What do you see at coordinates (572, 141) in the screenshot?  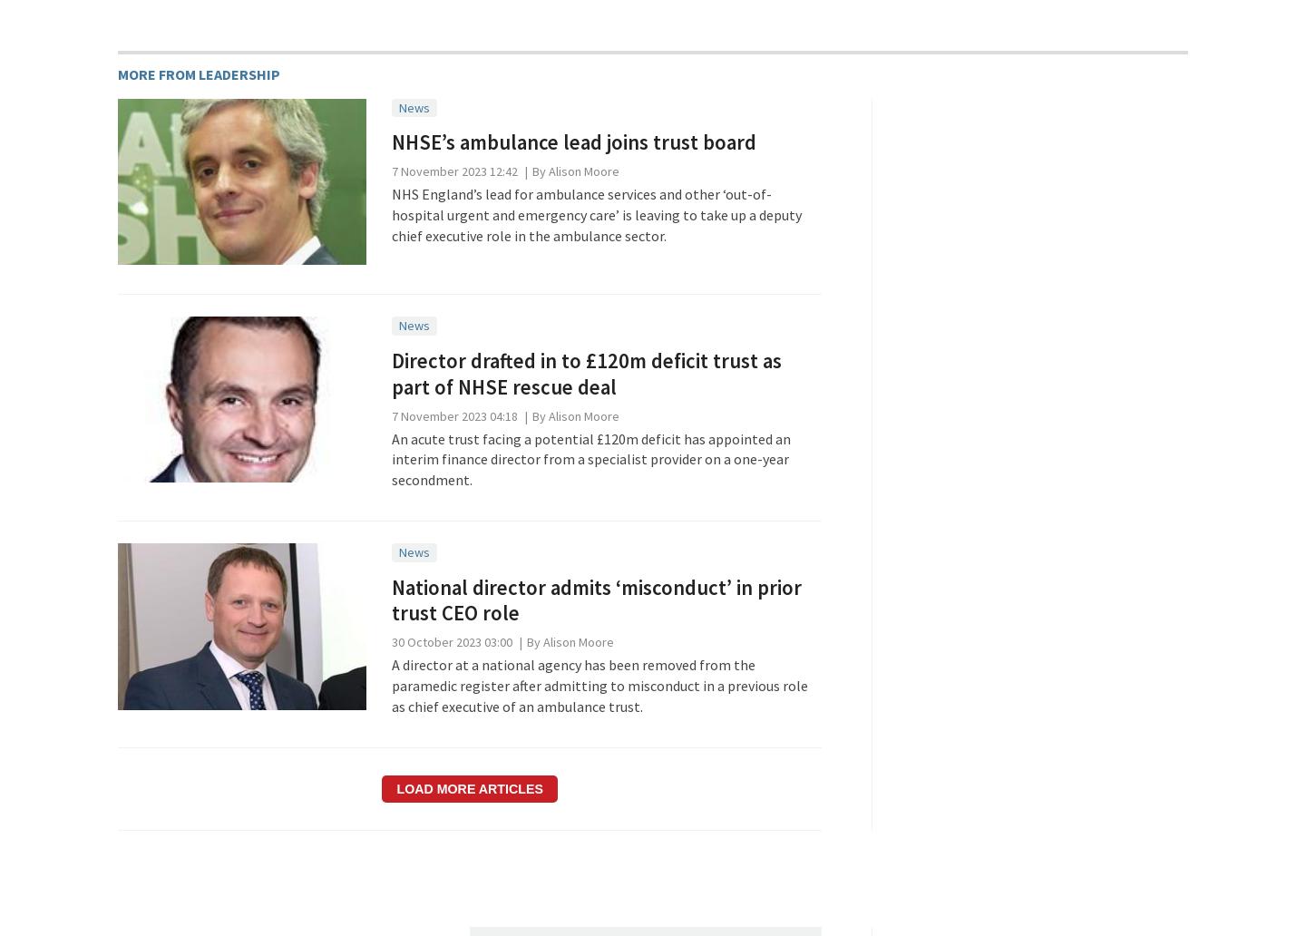 I see `'NHSE’s ambulance lead joins trust board'` at bounding box center [572, 141].